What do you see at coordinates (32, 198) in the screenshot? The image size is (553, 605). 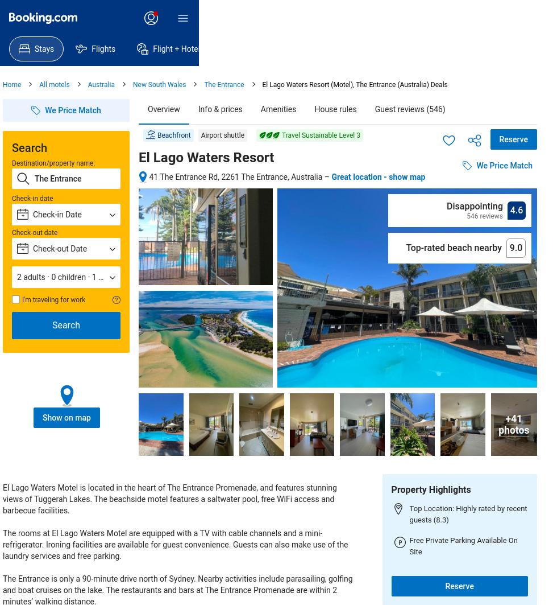 I see `'Check-in date'` at bounding box center [32, 198].